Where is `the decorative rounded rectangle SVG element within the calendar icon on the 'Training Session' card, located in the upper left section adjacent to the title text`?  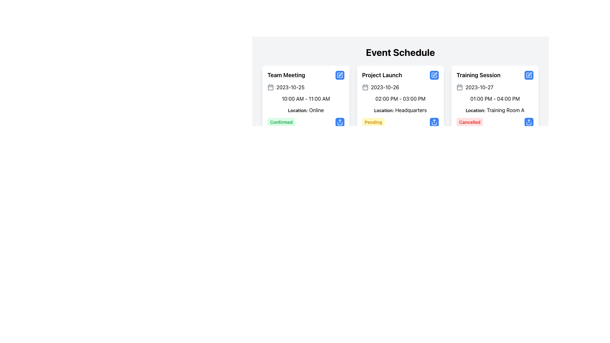
the decorative rounded rectangle SVG element within the calendar icon on the 'Training Session' card, located in the upper left section adjacent to the title text is located at coordinates (460, 87).